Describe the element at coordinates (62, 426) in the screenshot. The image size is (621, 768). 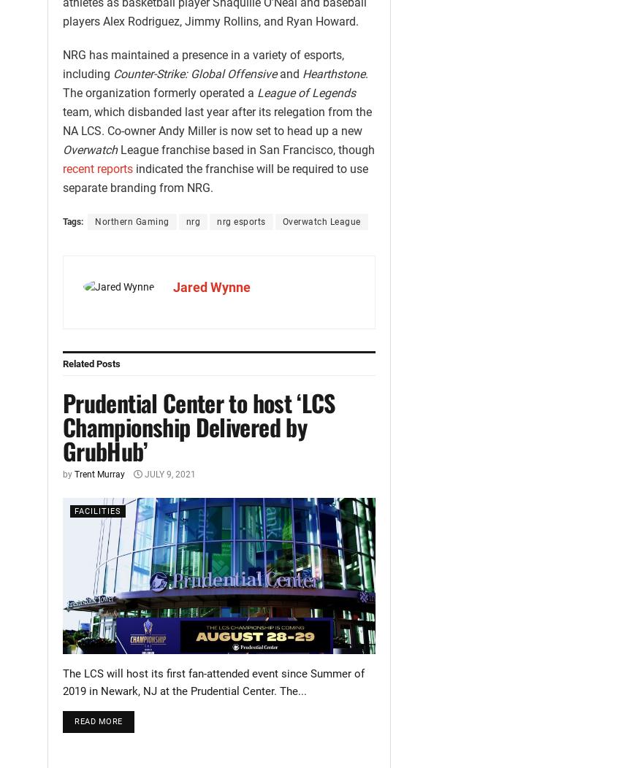
I see `'Prudential Center to host ‘LCS Championship Delivered by GrubHub’'` at that location.